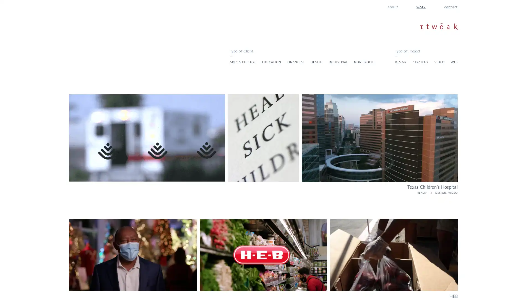 The image size is (531, 298). I want to click on VIDEO, so click(439, 62).